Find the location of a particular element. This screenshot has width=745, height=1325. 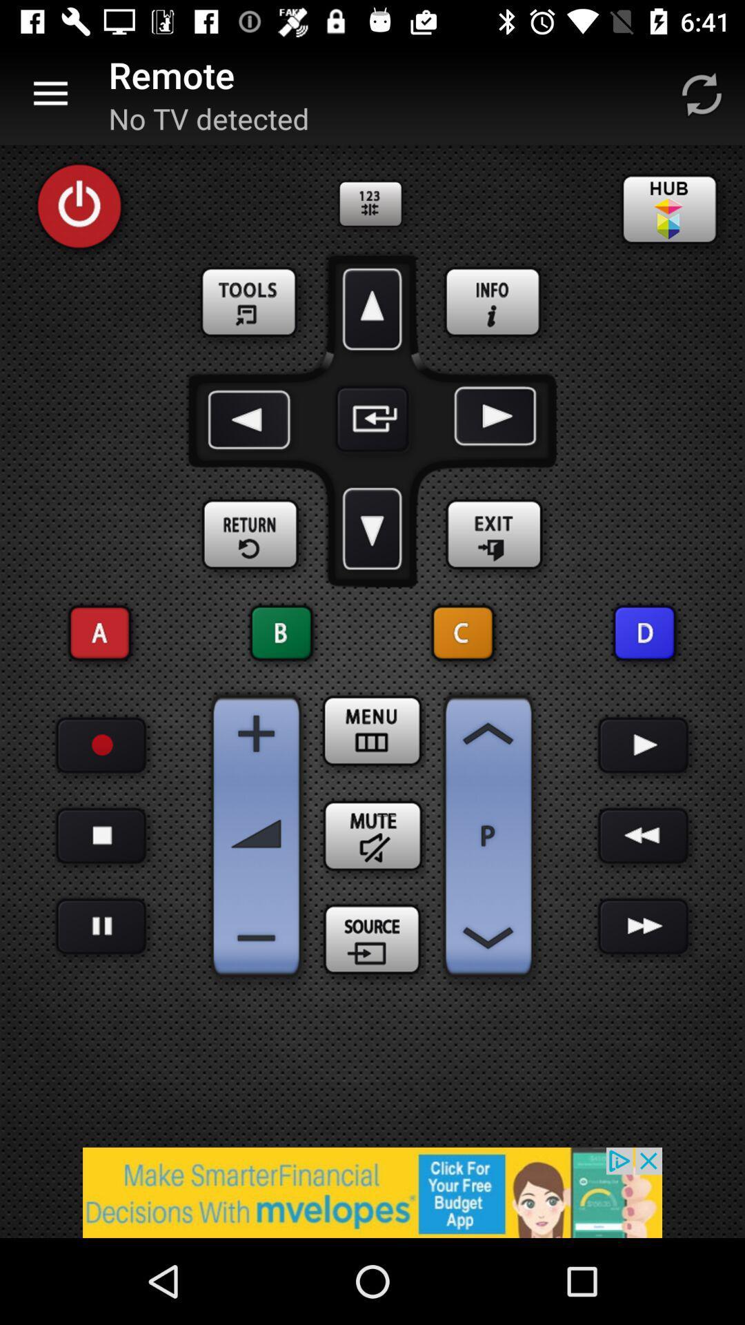

next is located at coordinates (644, 745).